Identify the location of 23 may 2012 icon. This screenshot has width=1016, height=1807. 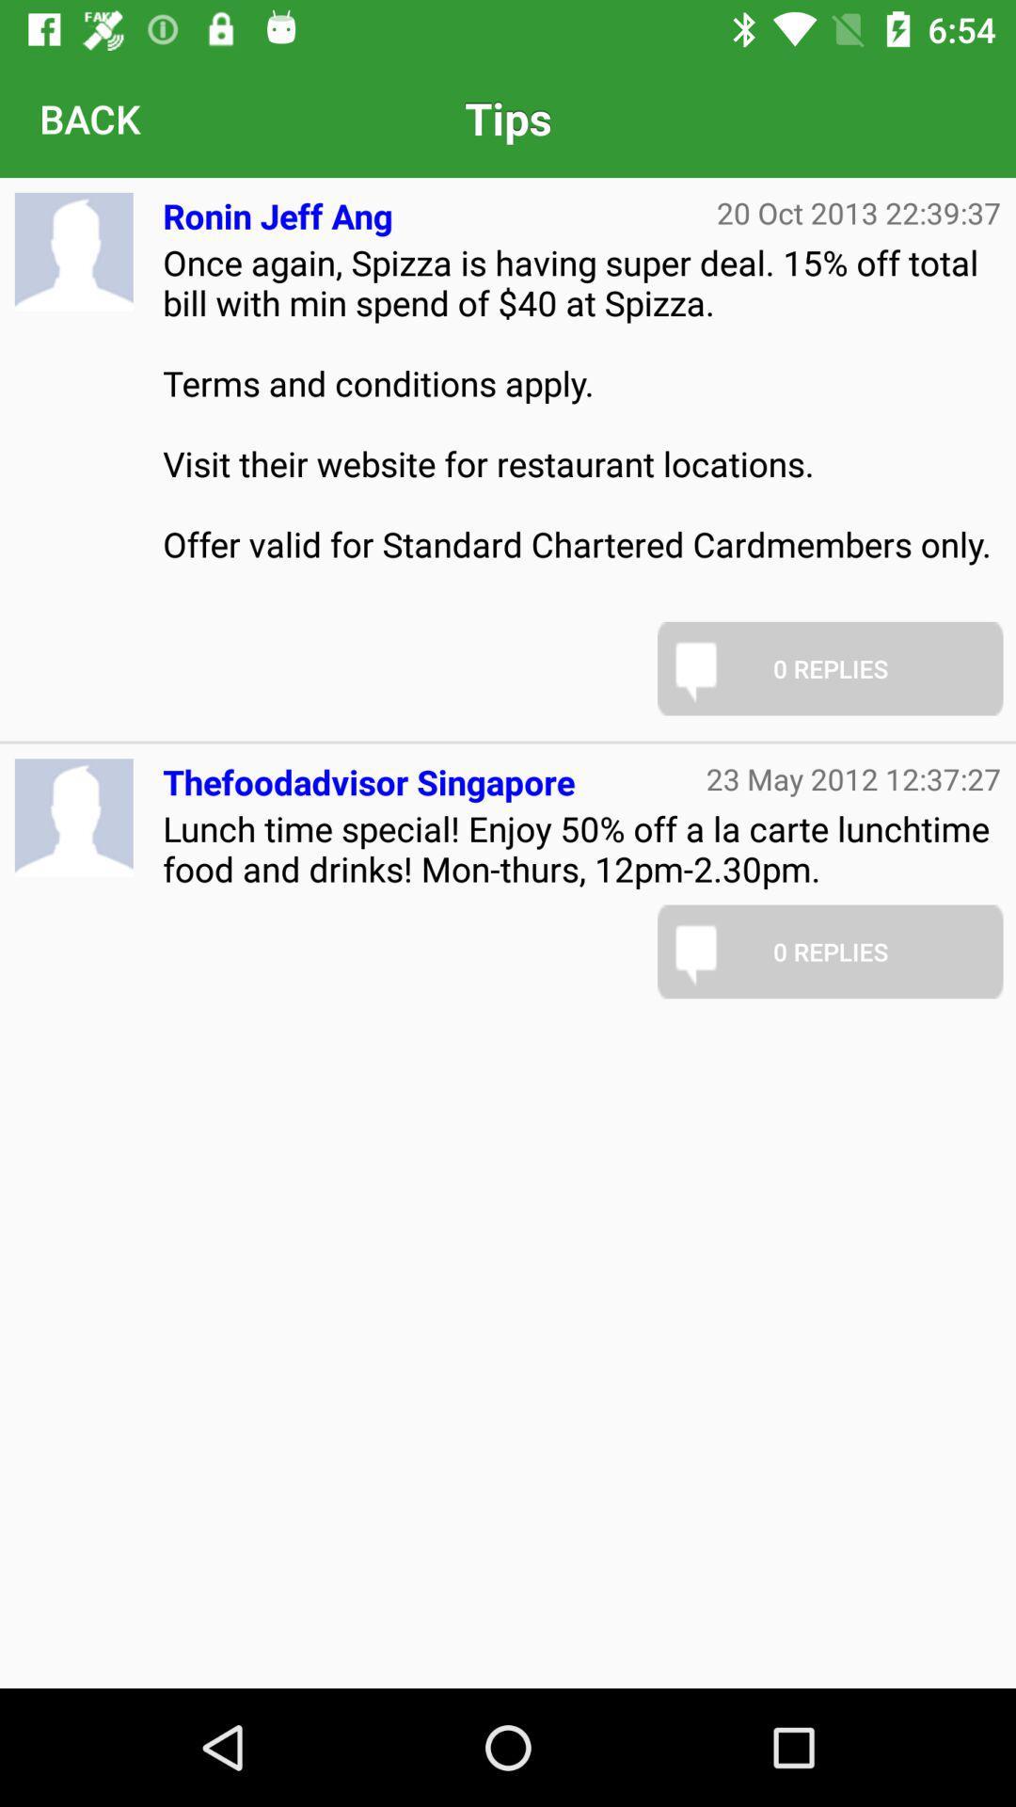
(853, 778).